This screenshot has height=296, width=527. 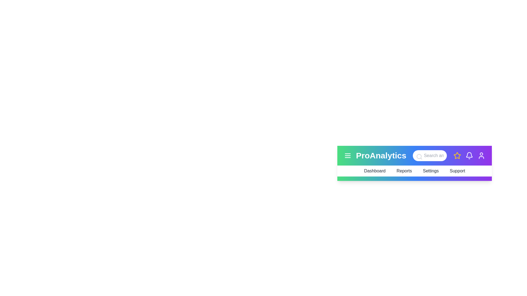 What do you see at coordinates (404, 171) in the screenshot?
I see `the menu item Reports to trigger additional feedback` at bounding box center [404, 171].